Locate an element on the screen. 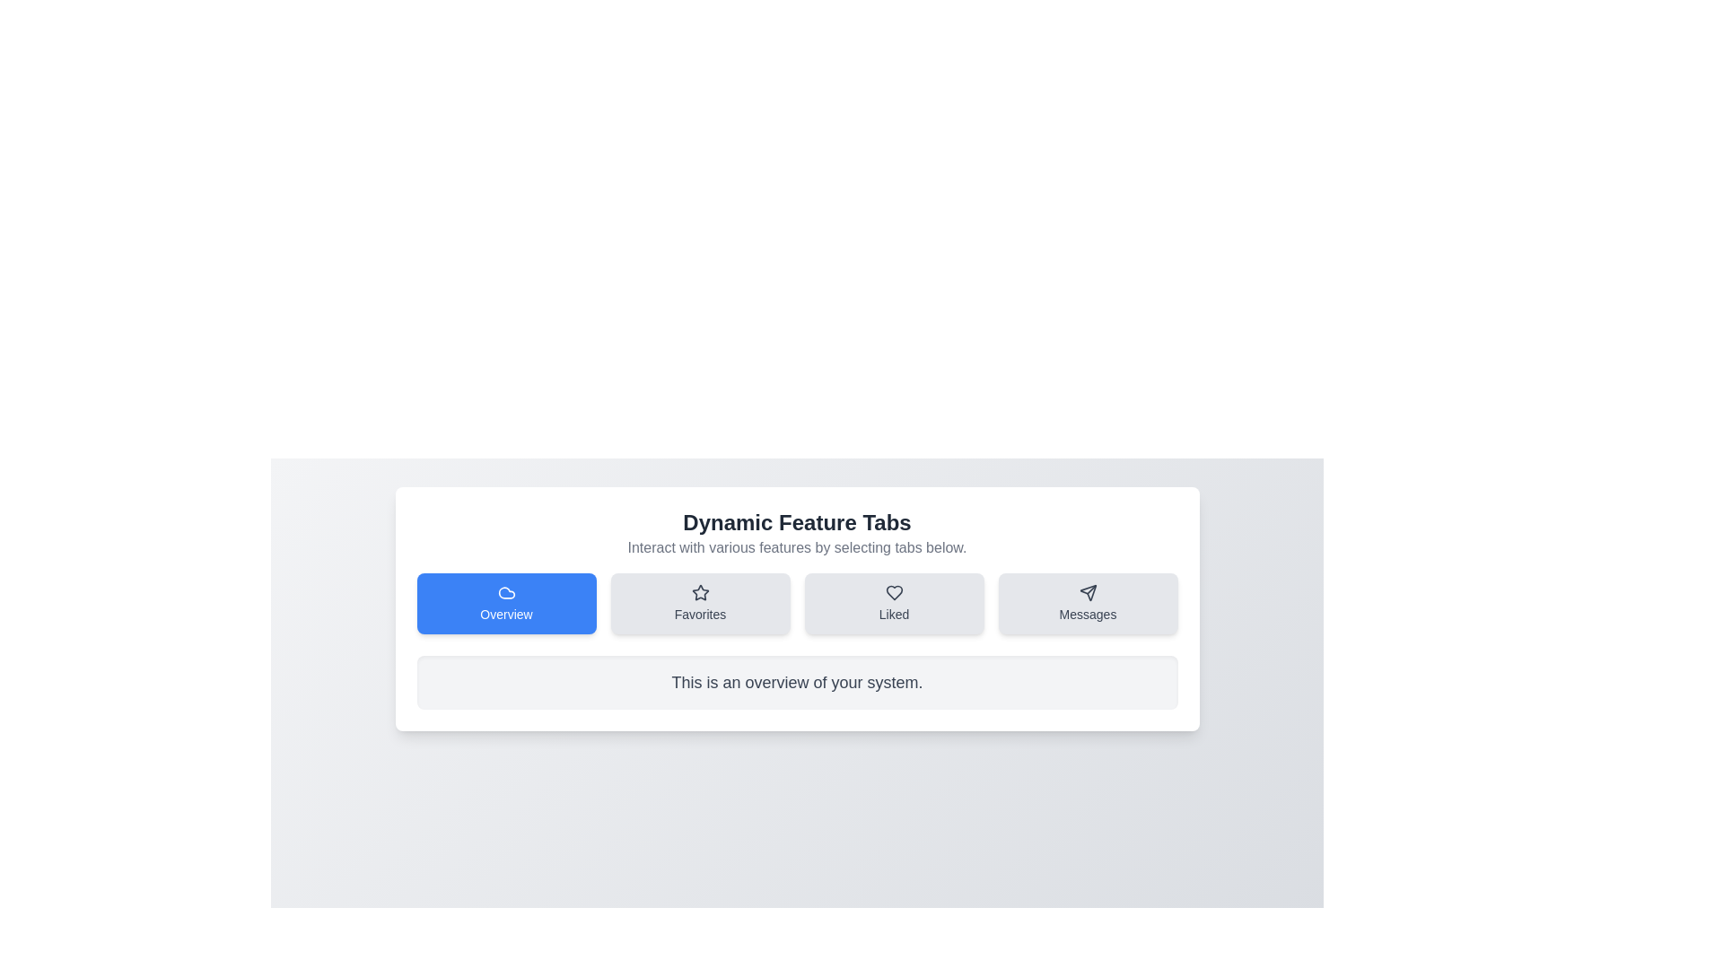 This screenshot has width=1723, height=969. the 'Liked' tab button, which is a rectangular button with a heart icon, to observe the style change is located at coordinates (894, 603).